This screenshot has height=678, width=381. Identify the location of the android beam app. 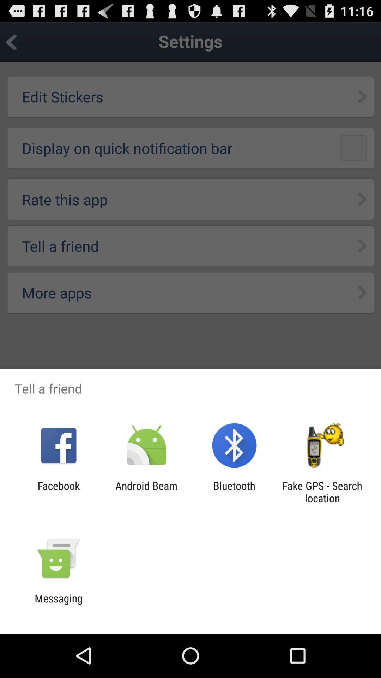
(146, 492).